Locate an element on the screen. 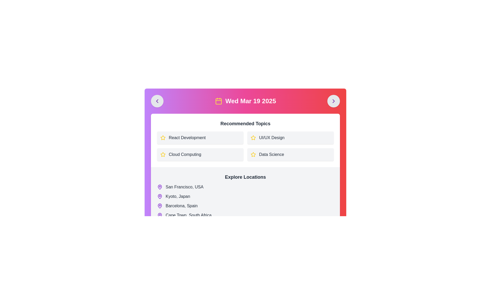  the 'Data Science' text label located in the bottom-right position of the recommended topics grid is located at coordinates (271, 154).